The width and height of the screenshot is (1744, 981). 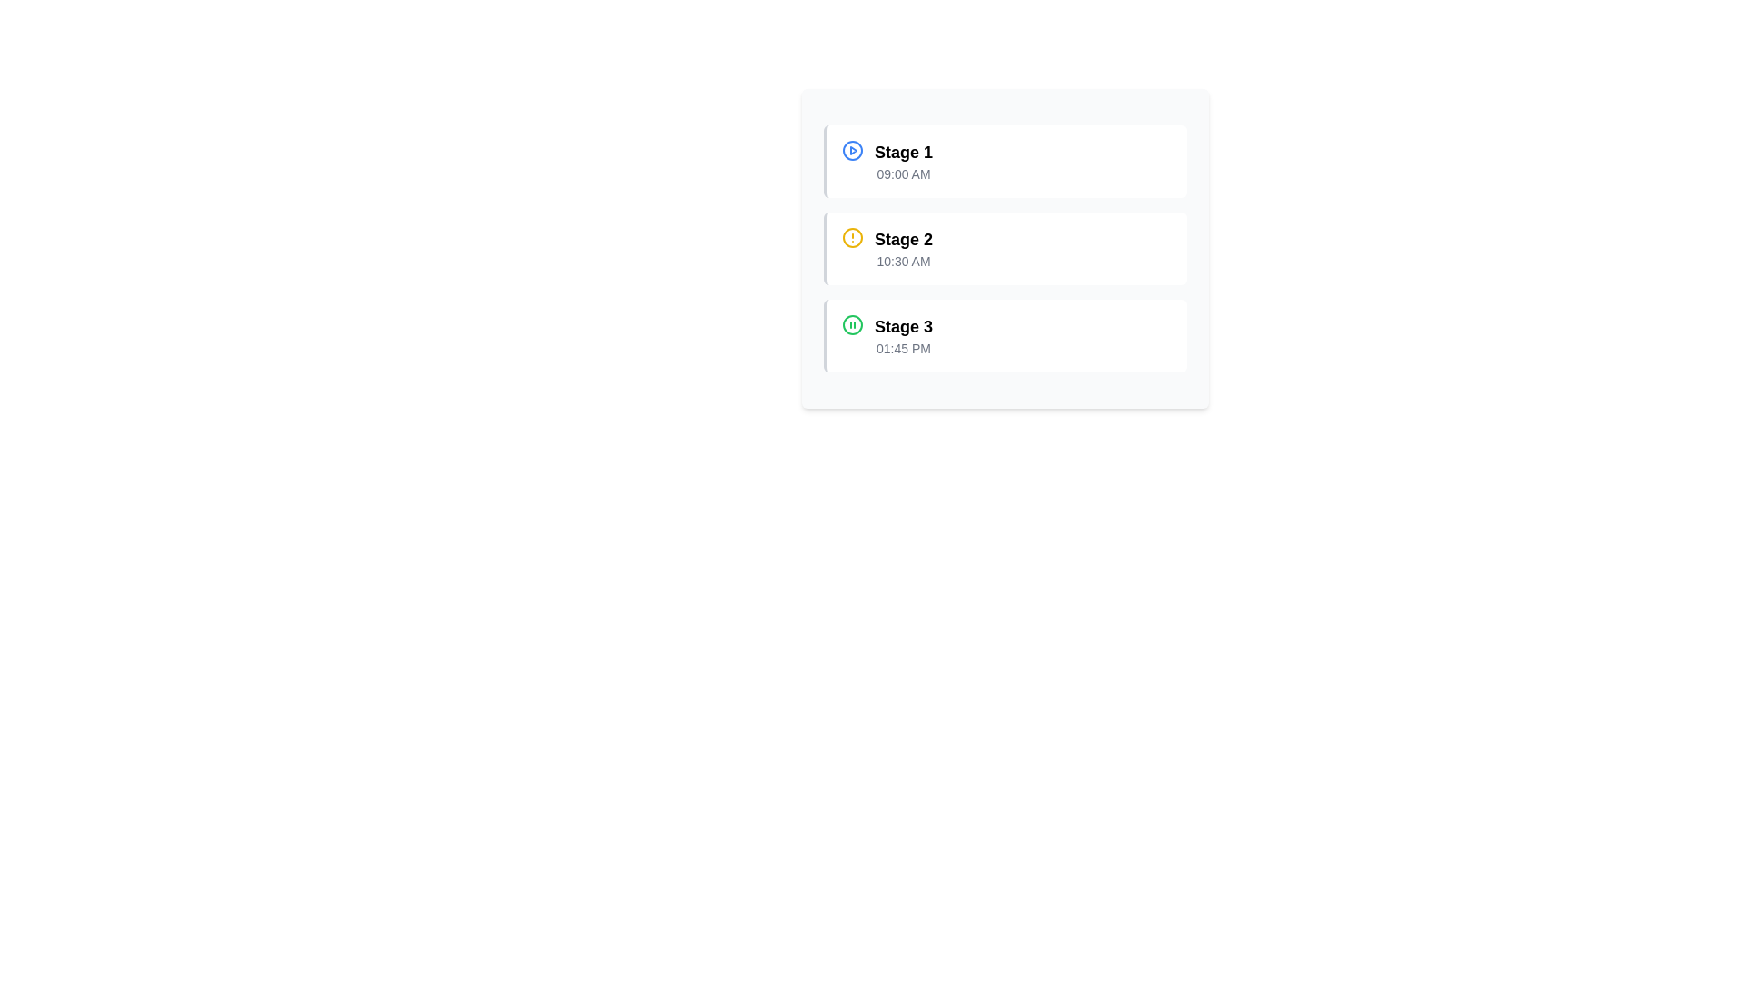 What do you see at coordinates (852, 149) in the screenshot?
I see `the play icon representing 'Stage 1'` at bounding box center [852, 149].